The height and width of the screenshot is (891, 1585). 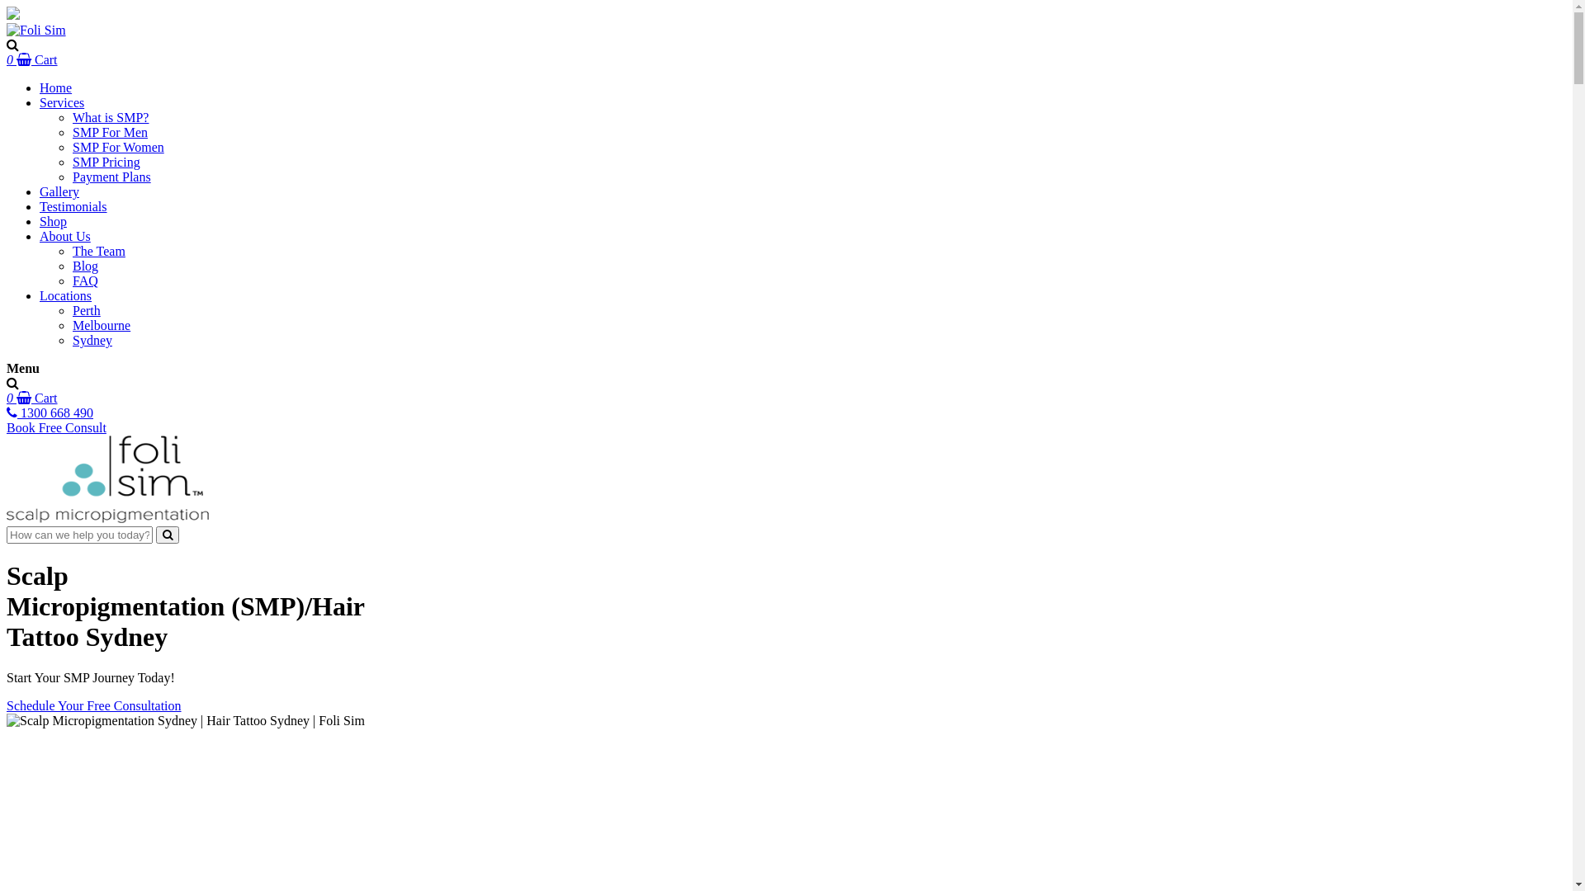 I want to click on 'Home', so click(x=40, y=87).